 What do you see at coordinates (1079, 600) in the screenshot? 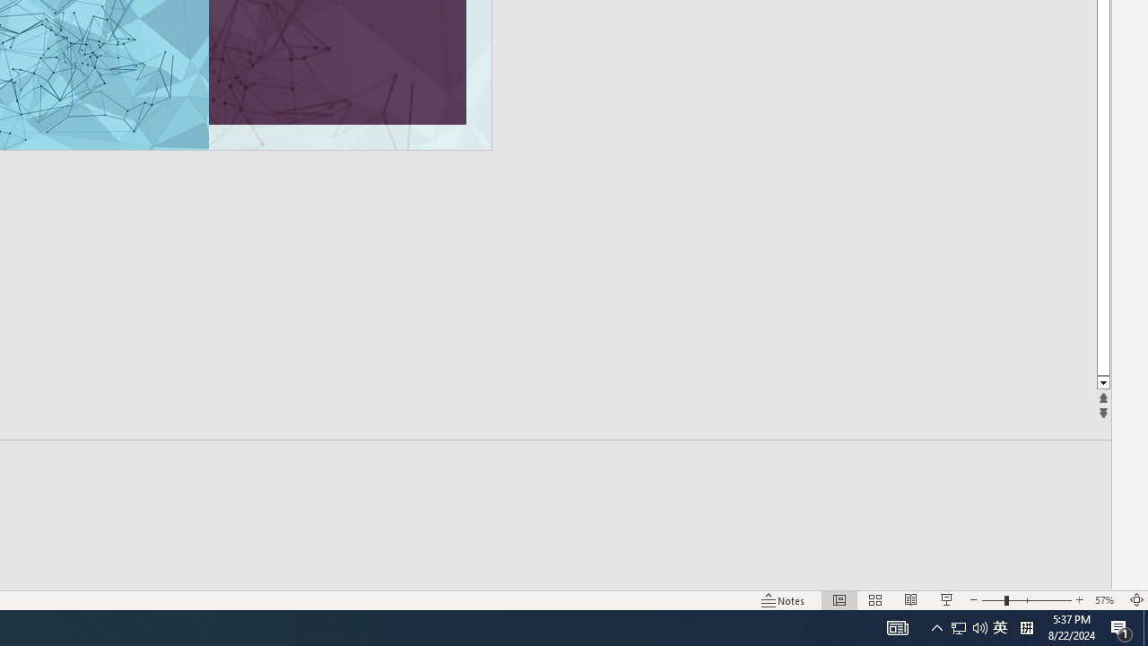
I see `'Zoom In'` at bounding box center [1079, 600].